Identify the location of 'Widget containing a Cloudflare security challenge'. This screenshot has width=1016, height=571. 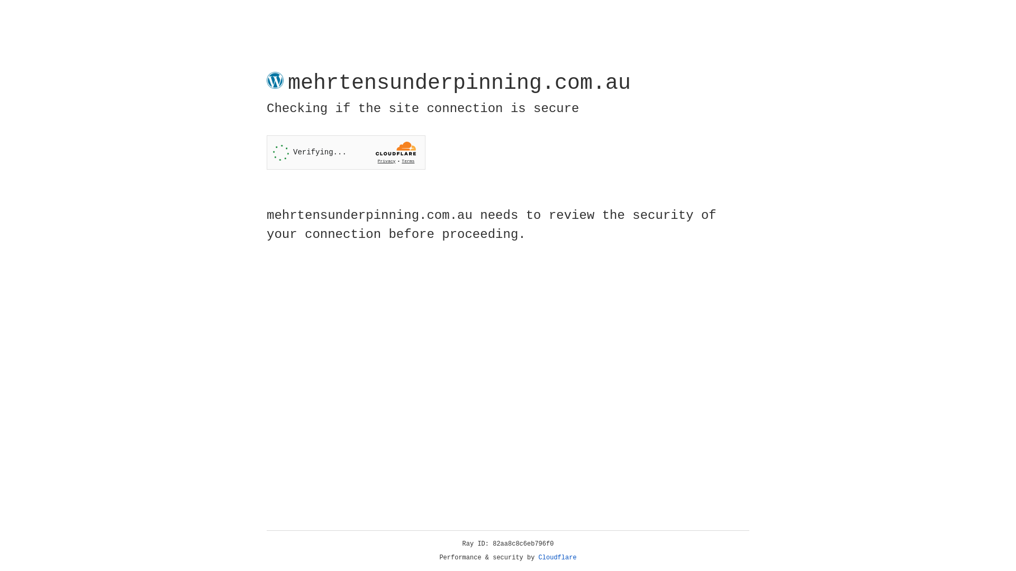
(346, 152).